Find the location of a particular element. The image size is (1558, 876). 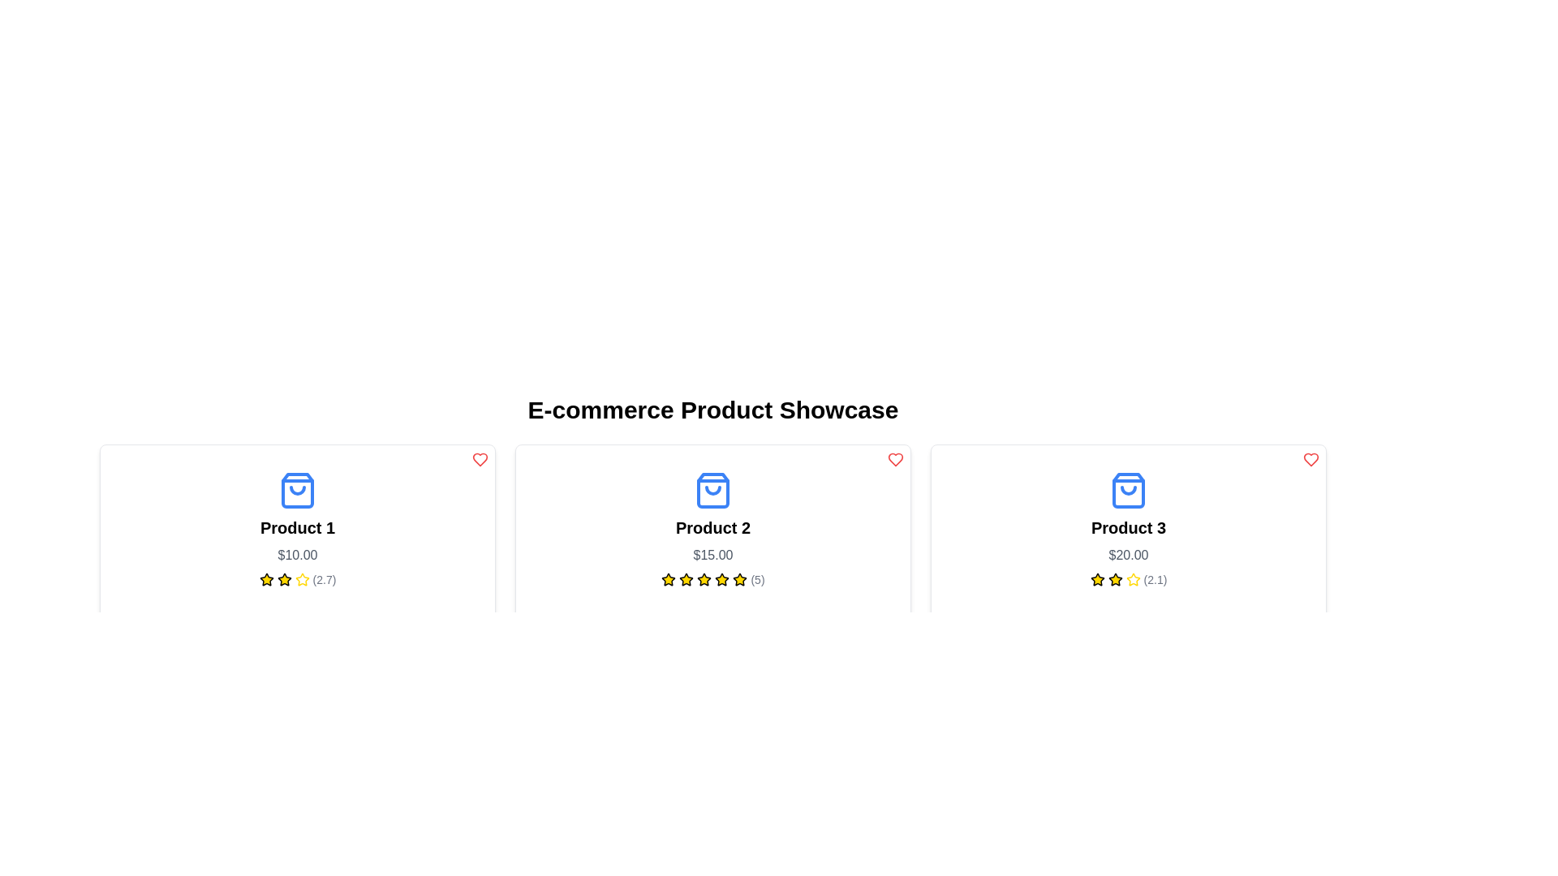

the red heart icon in the top-right corner of the 'Product 3' card is located at coordinates (1311, 460).